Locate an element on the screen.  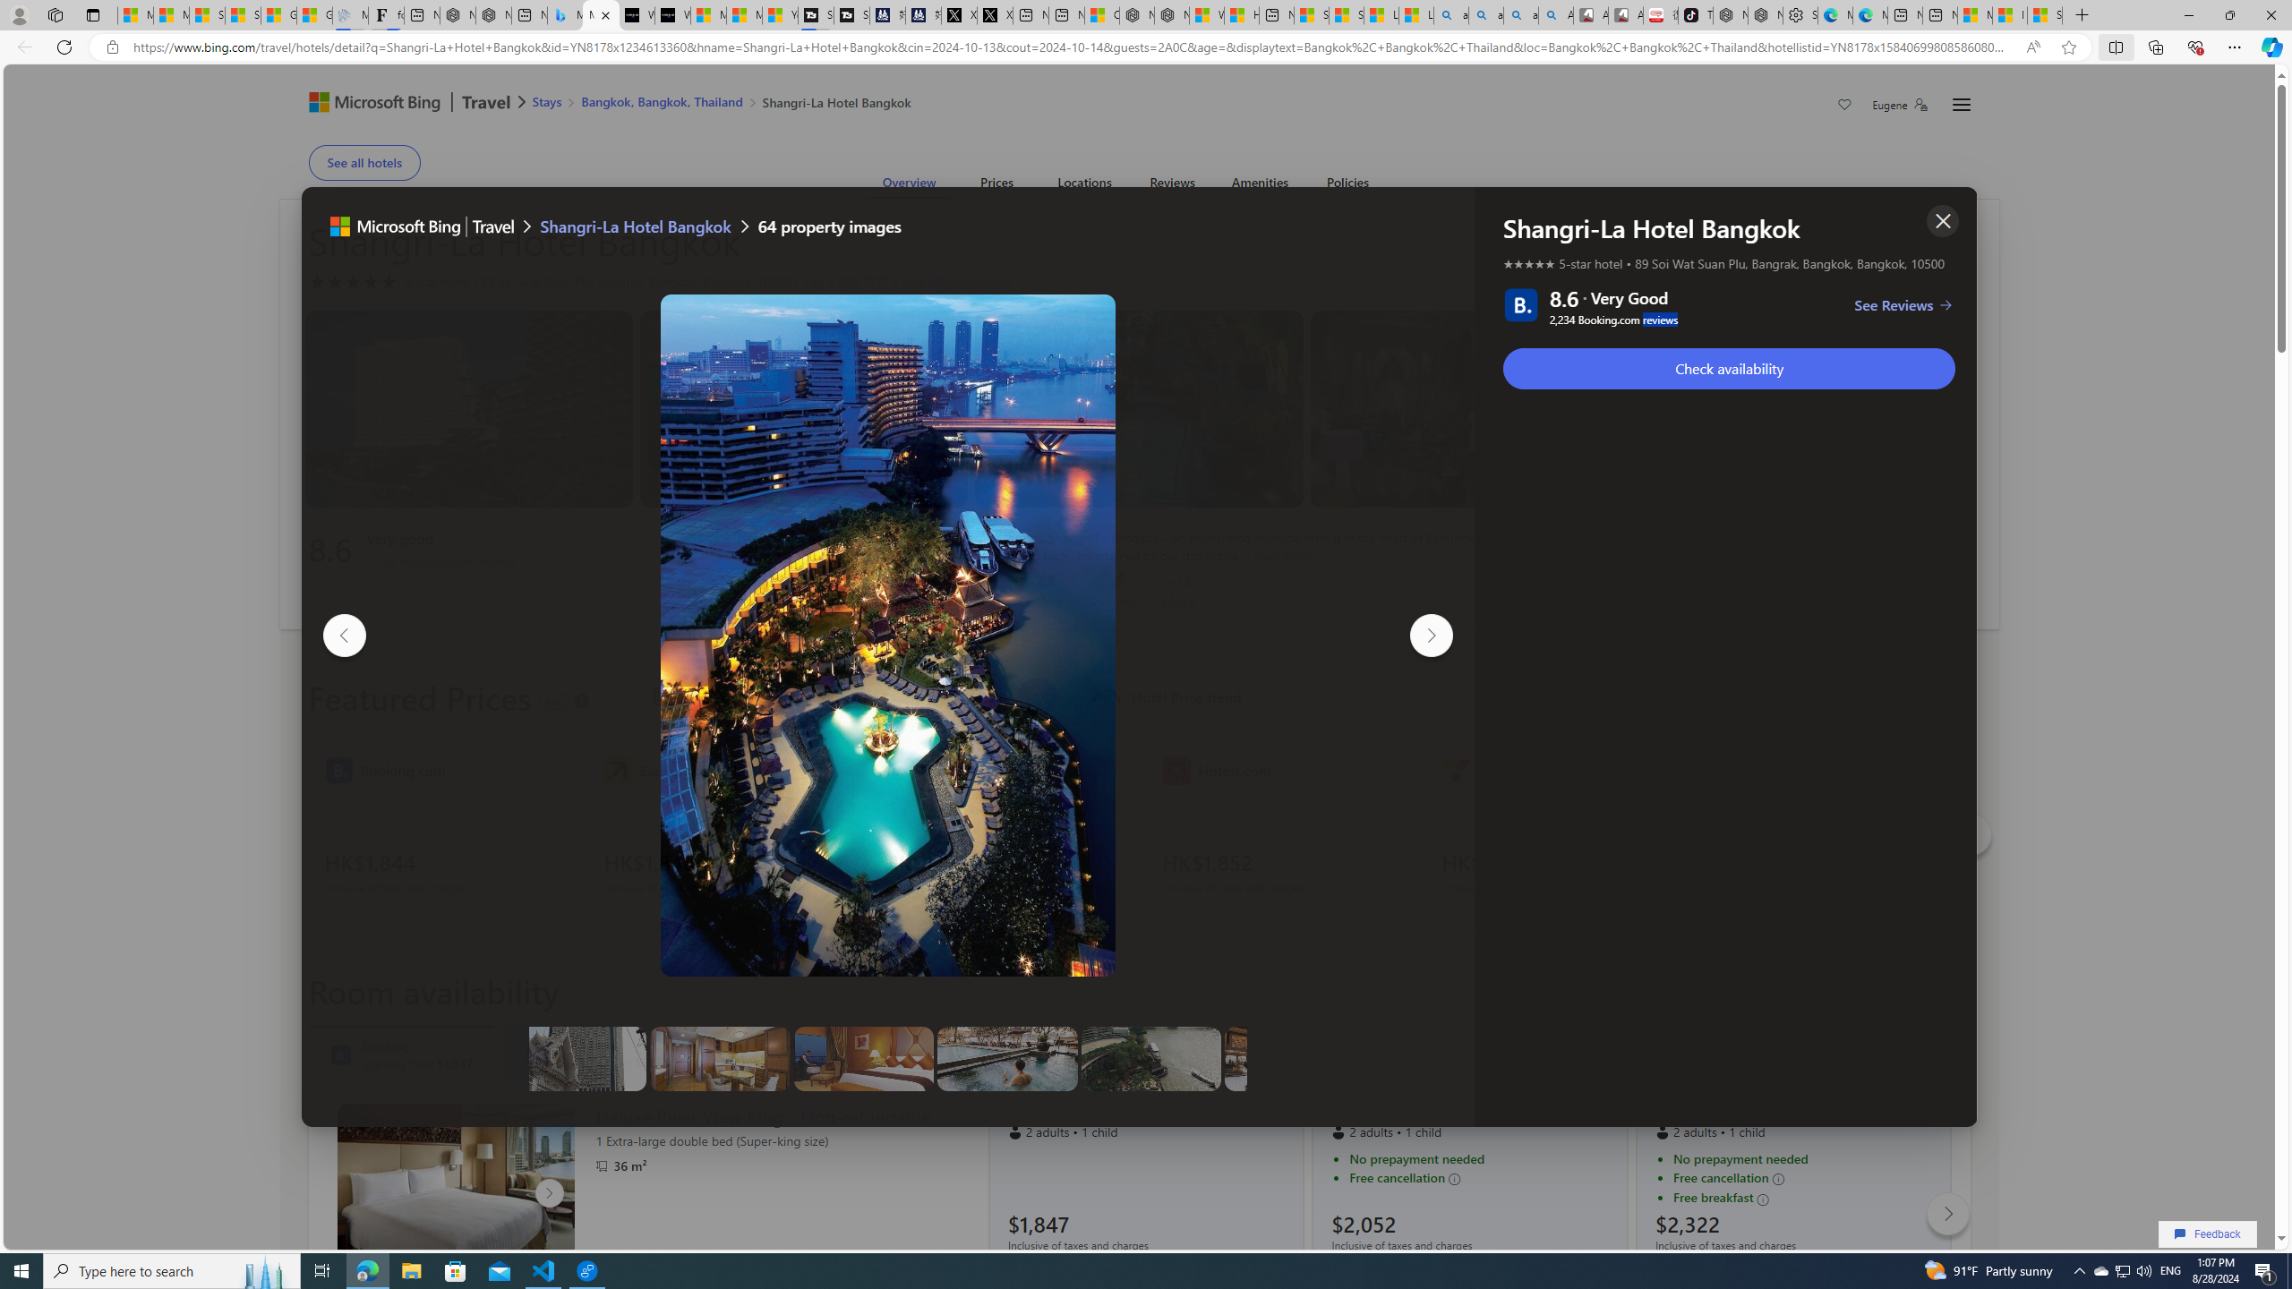
'Nordace Siena Pro 15 Backpack' is located at coordinates (1764, 14).